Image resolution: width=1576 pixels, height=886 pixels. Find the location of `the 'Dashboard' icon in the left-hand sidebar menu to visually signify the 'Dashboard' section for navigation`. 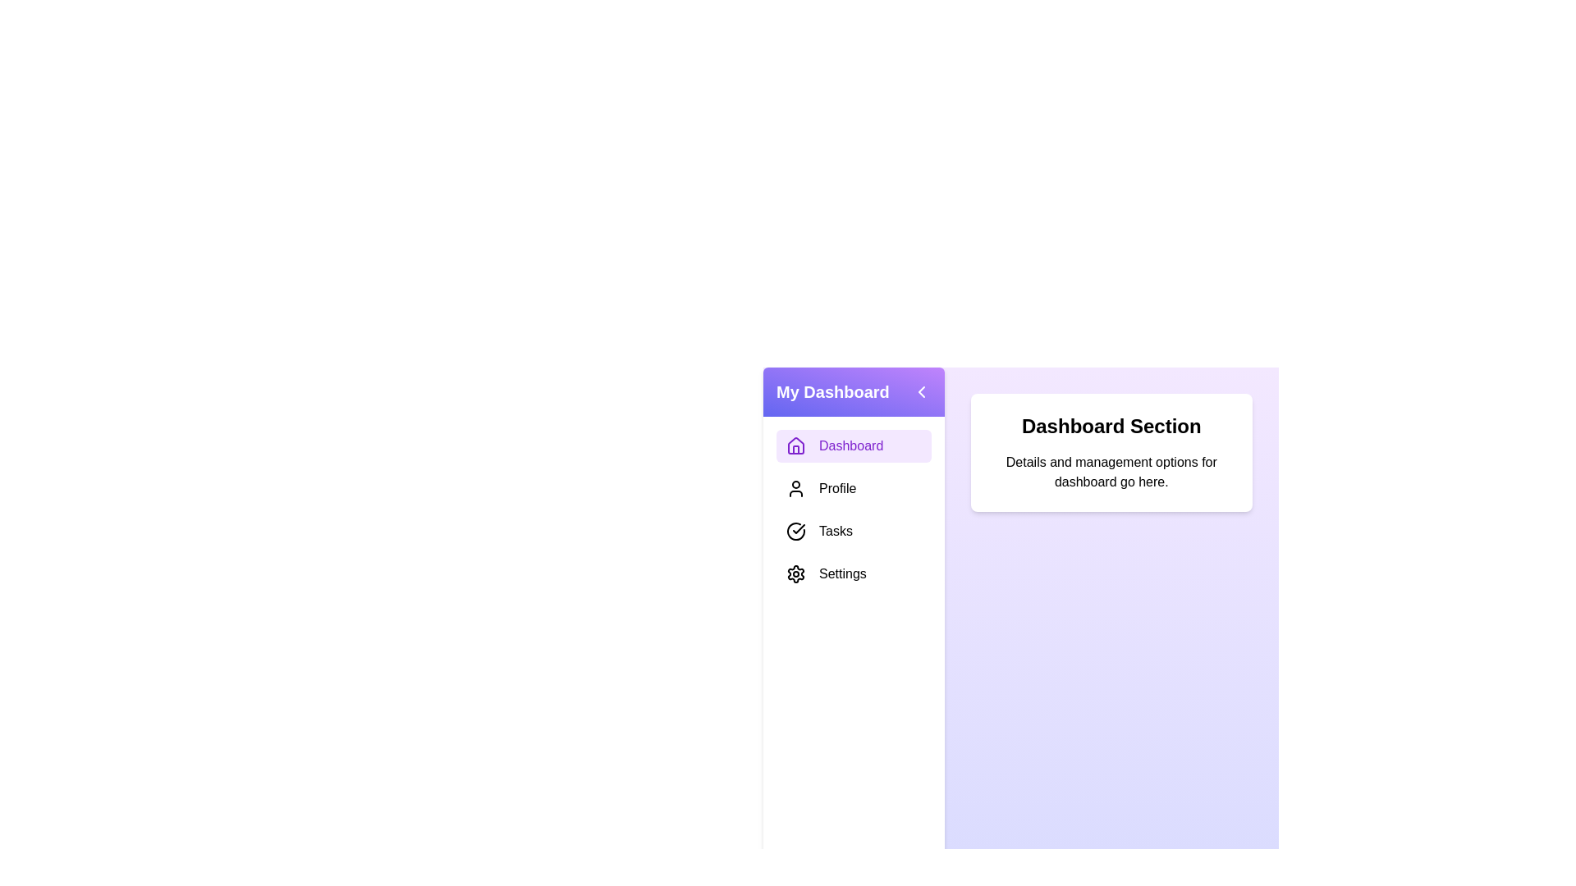

the 'Dashboard' icon in the left-hand sidebar menu to visually signify the 'Dashboard' section for navigation is located at coordinates (795, 445).